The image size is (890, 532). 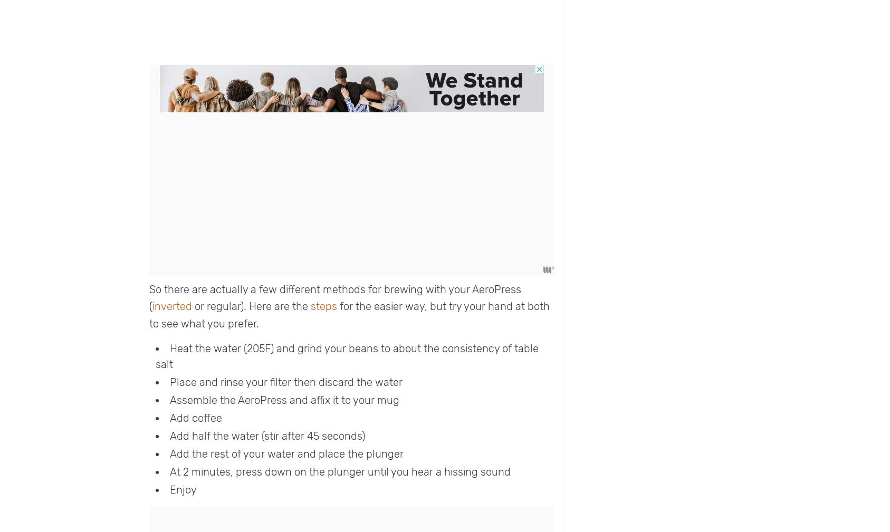 What do you see at coordinates (347, 356) in the screenshot?
I see `'Heat the water (205F) and grind your beans to about the consistency of table salt'` at bounding box center [347, 356].